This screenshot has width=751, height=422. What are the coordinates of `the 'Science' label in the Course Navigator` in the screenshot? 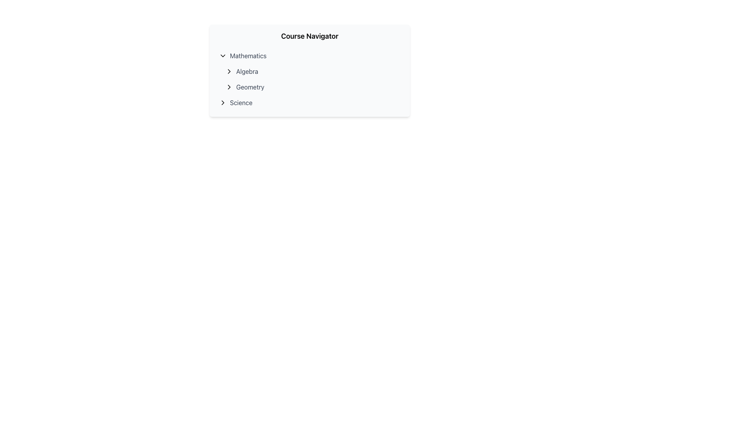 It's located at (241, 102).